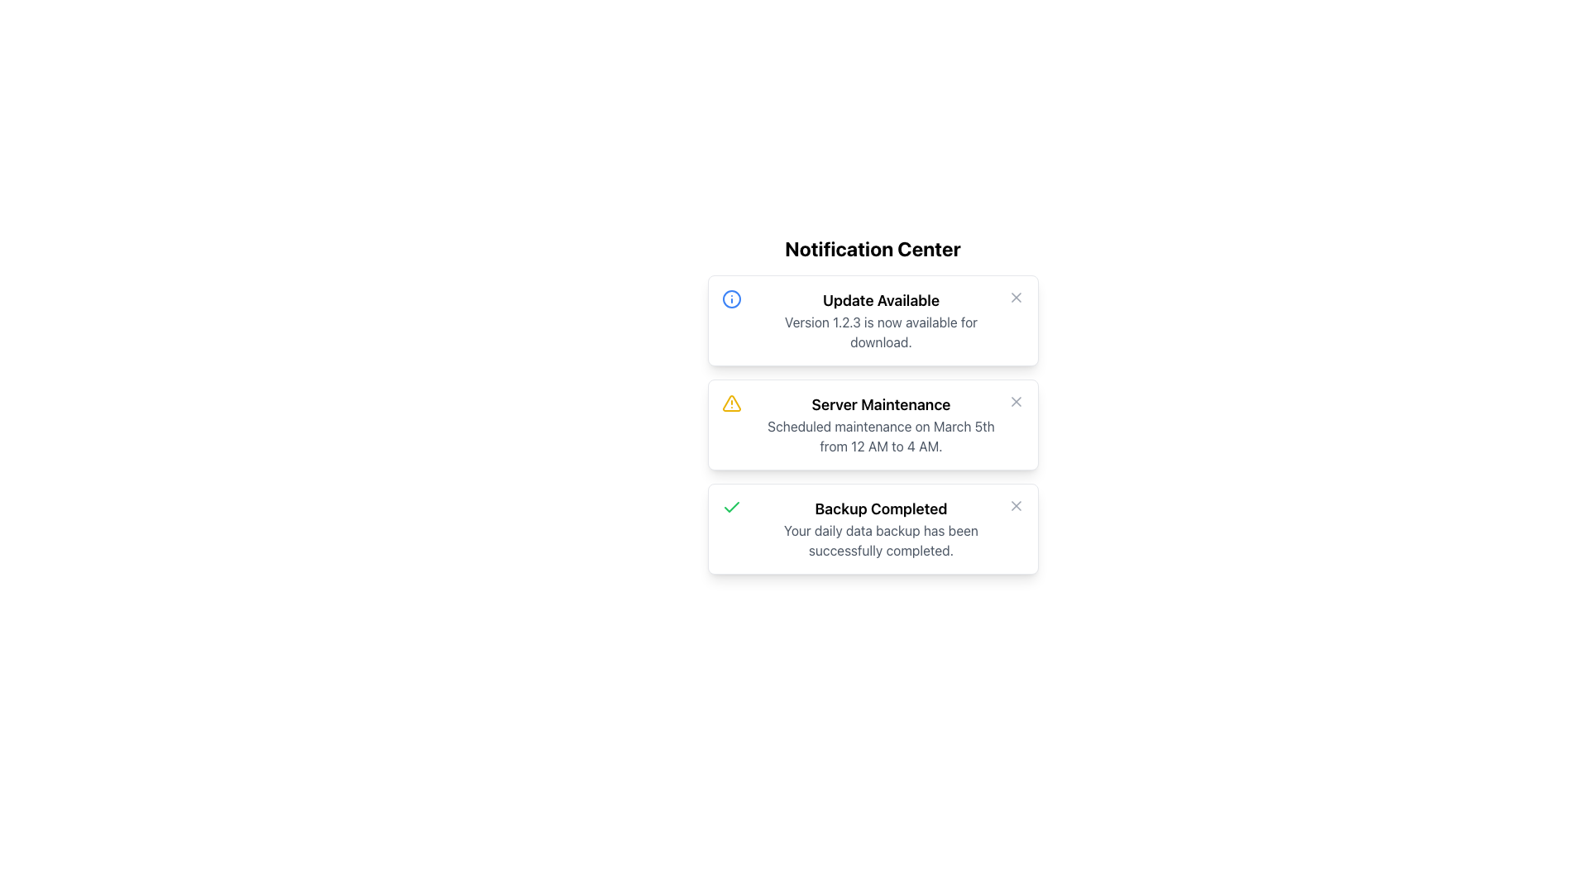 The height and width of the screenshot is (893, 1588). Describe the element at coordinates (1015, 505) in the screenshot. I see `the close button located in the top-right corner of the 'Backup Completed' notification card` at that location.